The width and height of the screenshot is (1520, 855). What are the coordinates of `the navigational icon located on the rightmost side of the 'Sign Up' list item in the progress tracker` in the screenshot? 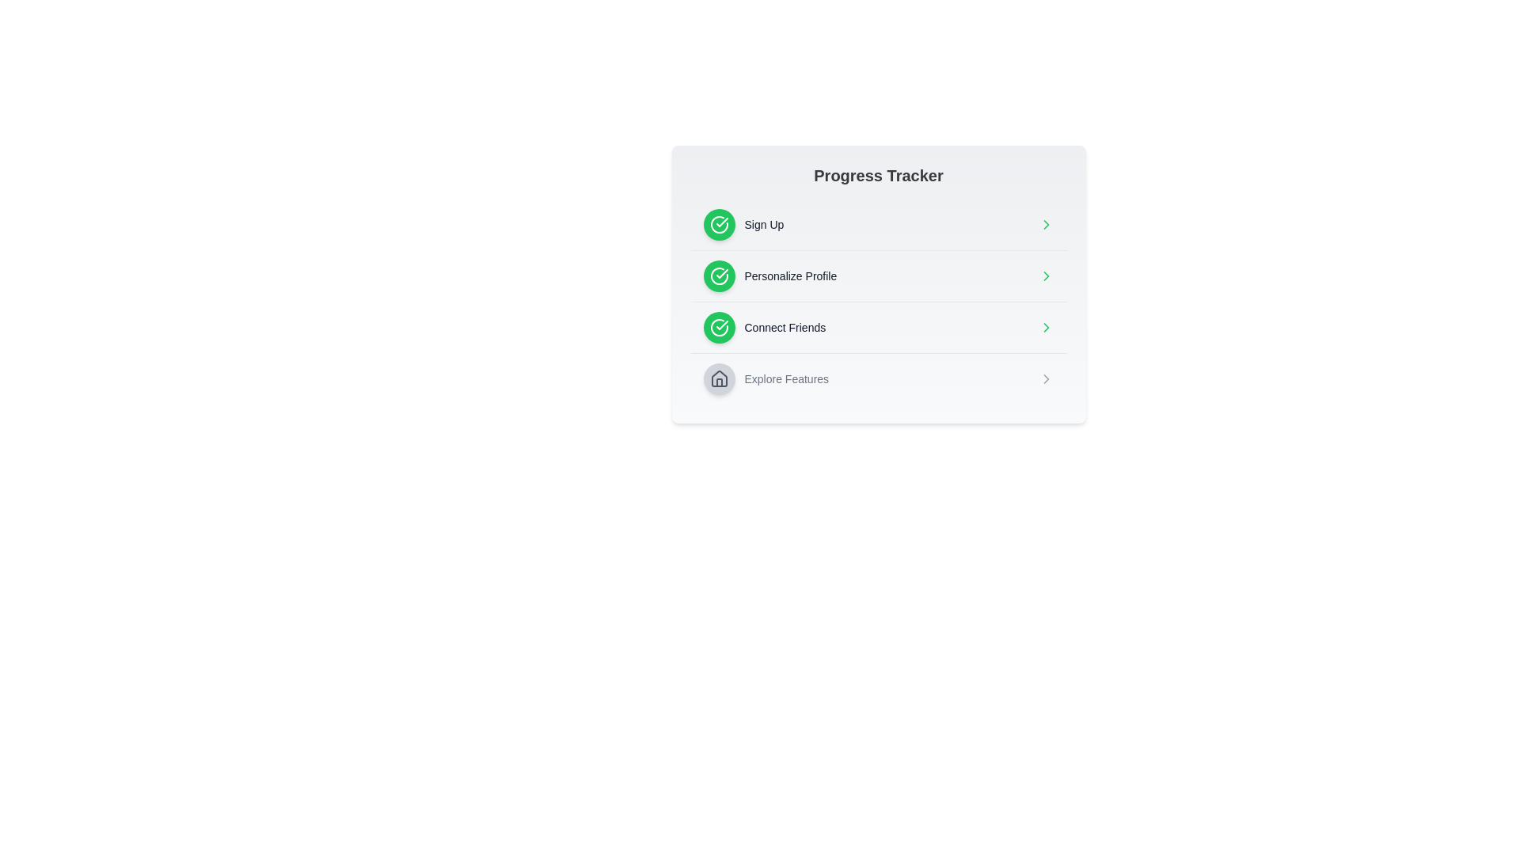 It's located at (1046, 225).